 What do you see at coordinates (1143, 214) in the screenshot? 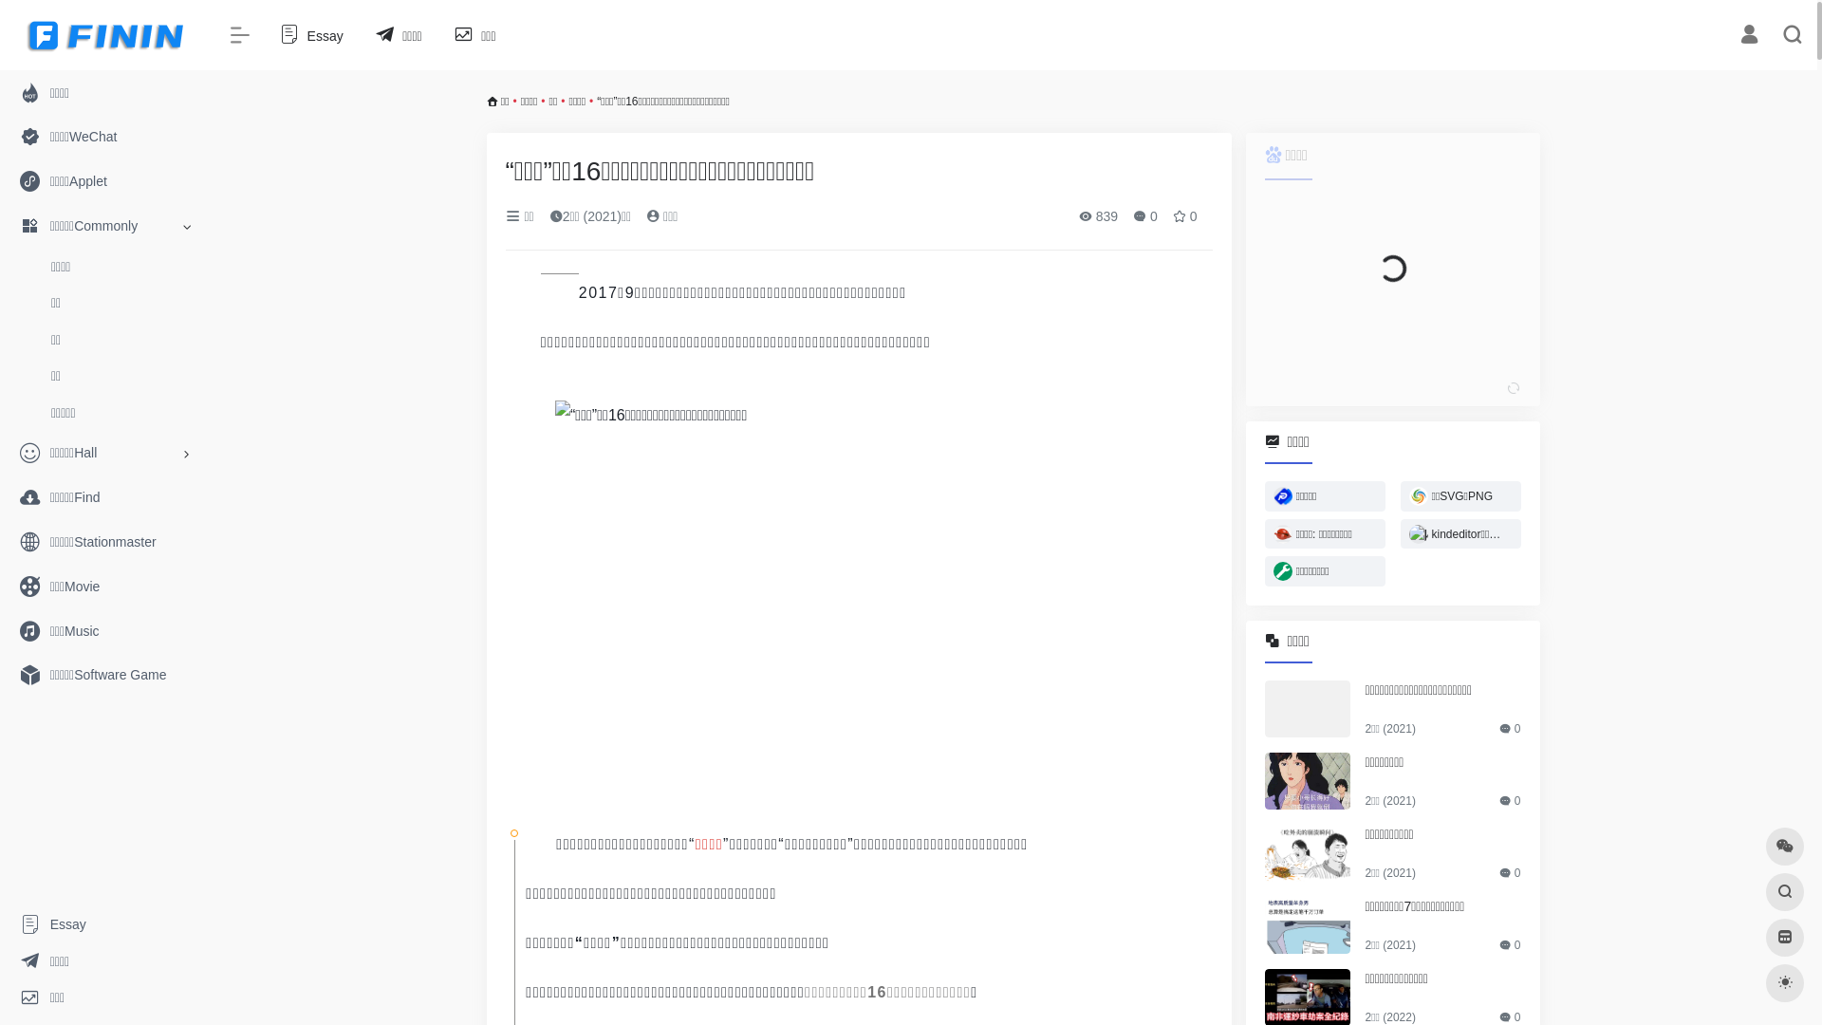
I see `'0'` at bounding box center [1143, 214].